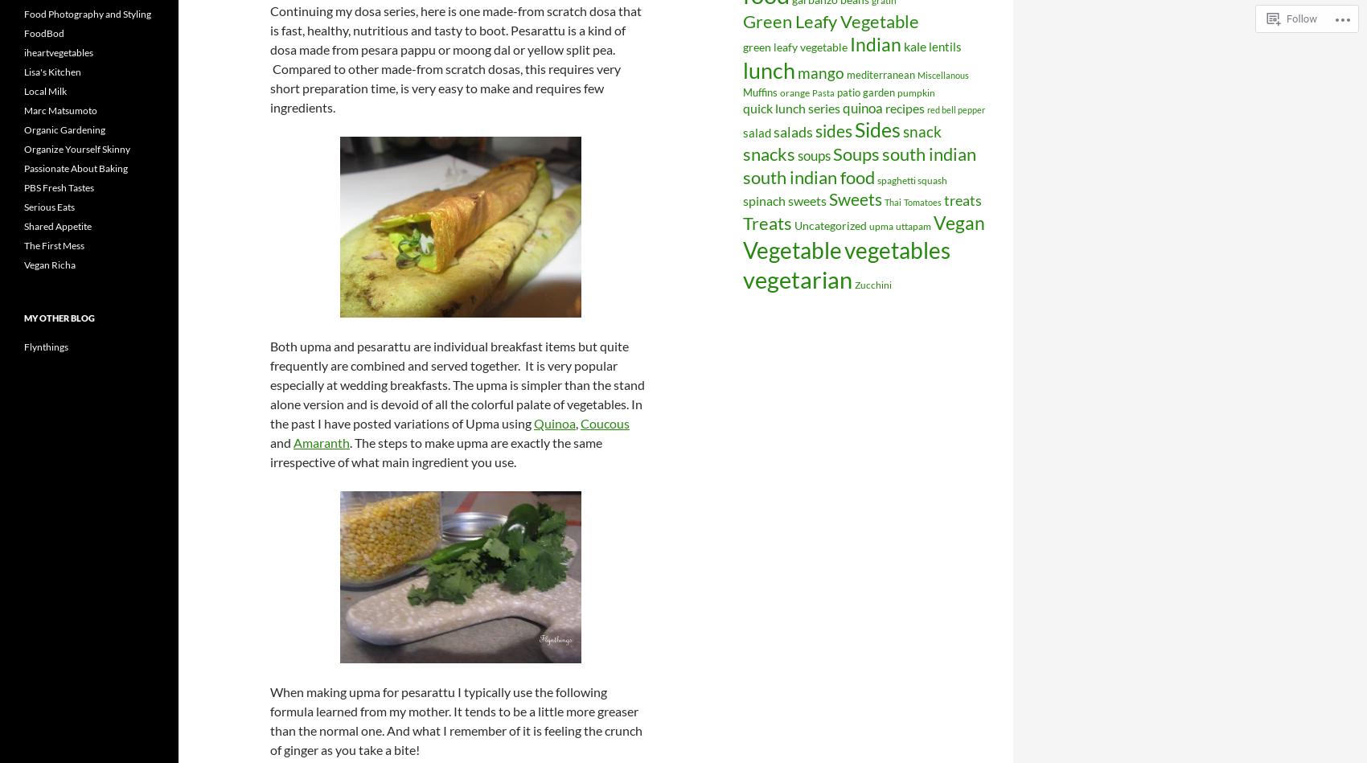 This screenshot has height=763, width=1367. What do you see at coordinates (872, 285) in the screenshot?
I see `'Zucchini'` at bounding box center [872, 285].